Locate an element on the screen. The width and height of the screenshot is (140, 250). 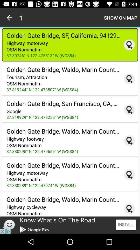
coordinates is located at coordinates (129, 175).